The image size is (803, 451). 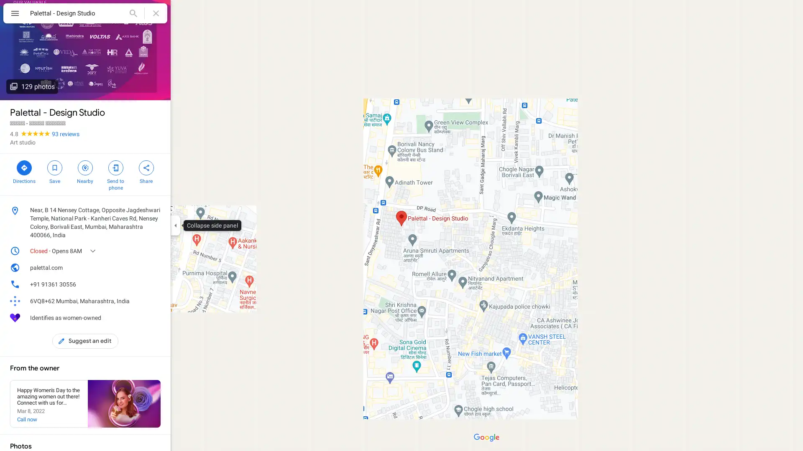 What do you see at coordinates (146, 170) in the screenshot?
I see `Share Palettal - Design Studio` at bounding box center [146, 170].